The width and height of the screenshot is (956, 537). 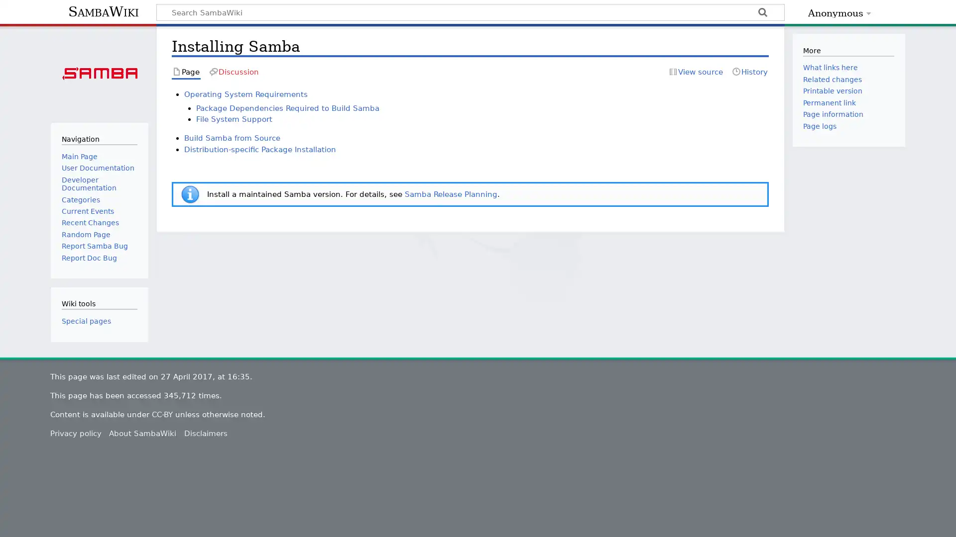 What do you see at coordinates (762, 13) in the screenshot?
I see `Search` at bounding box center [762, 13].